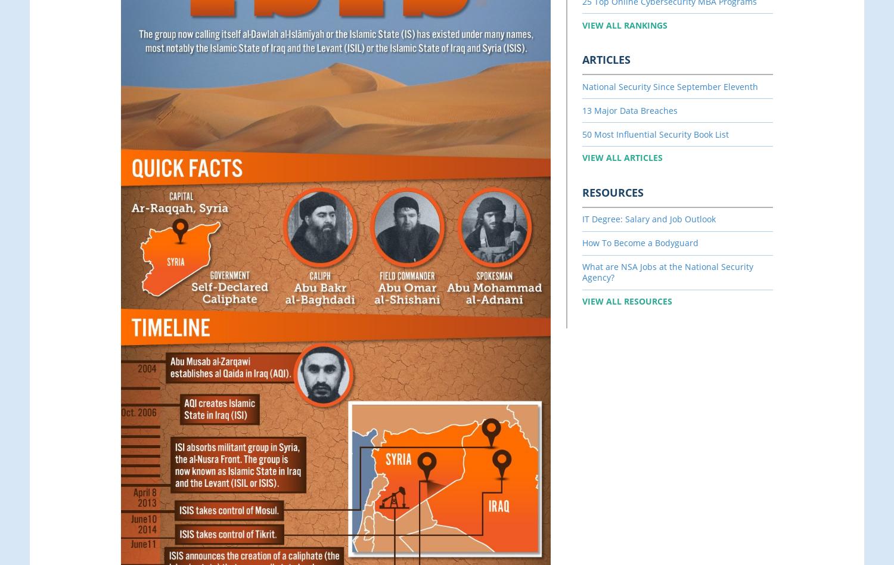 This screenshot has height=565, width=894. What do you see at coordinates (625, 24) in the screenshot?
I see `'View All Rankings'` at bounding box center [625, 24].